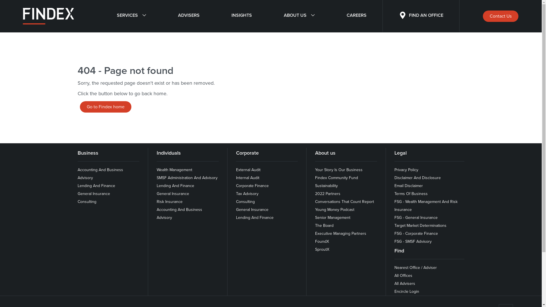 Image resolution: width=546 pixels, height=307 pixels. Describe the element at coordinates (403, 275) in the screenshot. I see `'All Offices'` at that location.